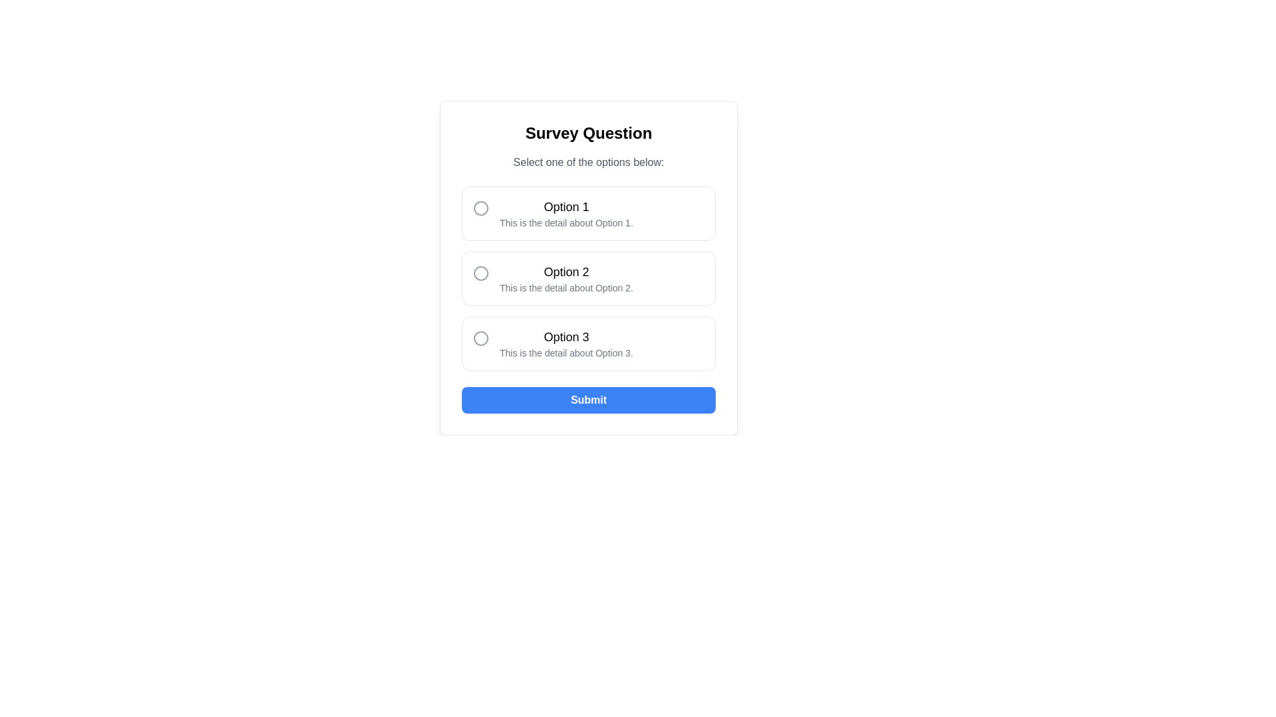  What do you see at coordinates (480, 273) in the screenshot?
I see `the inner circular part of the radio button for 'Option 2' in the survey` at bounding box center [480, 273].